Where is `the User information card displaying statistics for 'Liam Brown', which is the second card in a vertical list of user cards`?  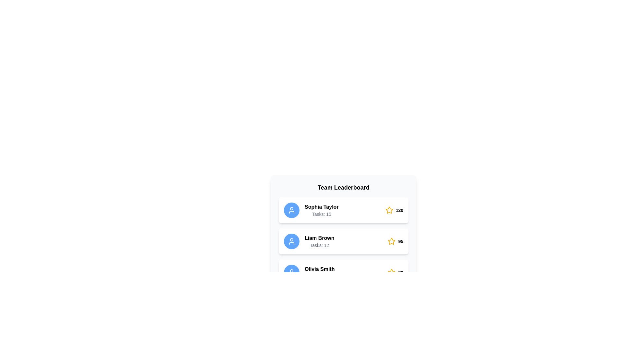 the User information card displaying statistics for 'Liam Brown', which is the second card in a vertical list of user cards is located at coordinates (343, 241).